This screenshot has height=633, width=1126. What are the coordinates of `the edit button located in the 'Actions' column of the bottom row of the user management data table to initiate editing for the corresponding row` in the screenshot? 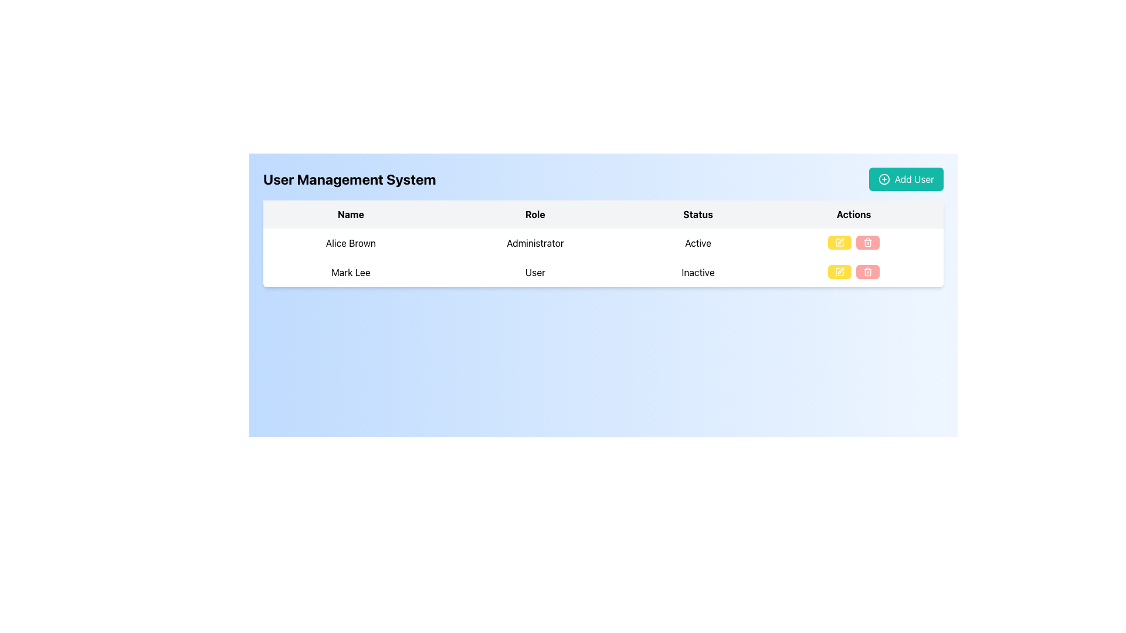 It's located at (839, 271).